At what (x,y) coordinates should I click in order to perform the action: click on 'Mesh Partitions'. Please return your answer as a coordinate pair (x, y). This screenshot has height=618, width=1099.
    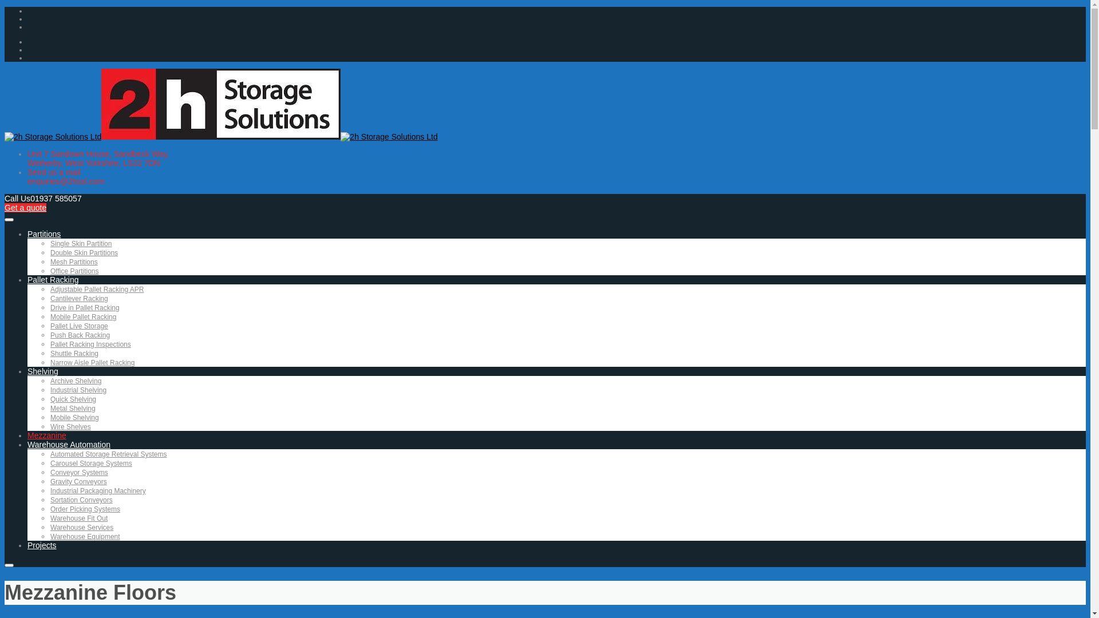
    Looking at the image, I should click on (73, 262).